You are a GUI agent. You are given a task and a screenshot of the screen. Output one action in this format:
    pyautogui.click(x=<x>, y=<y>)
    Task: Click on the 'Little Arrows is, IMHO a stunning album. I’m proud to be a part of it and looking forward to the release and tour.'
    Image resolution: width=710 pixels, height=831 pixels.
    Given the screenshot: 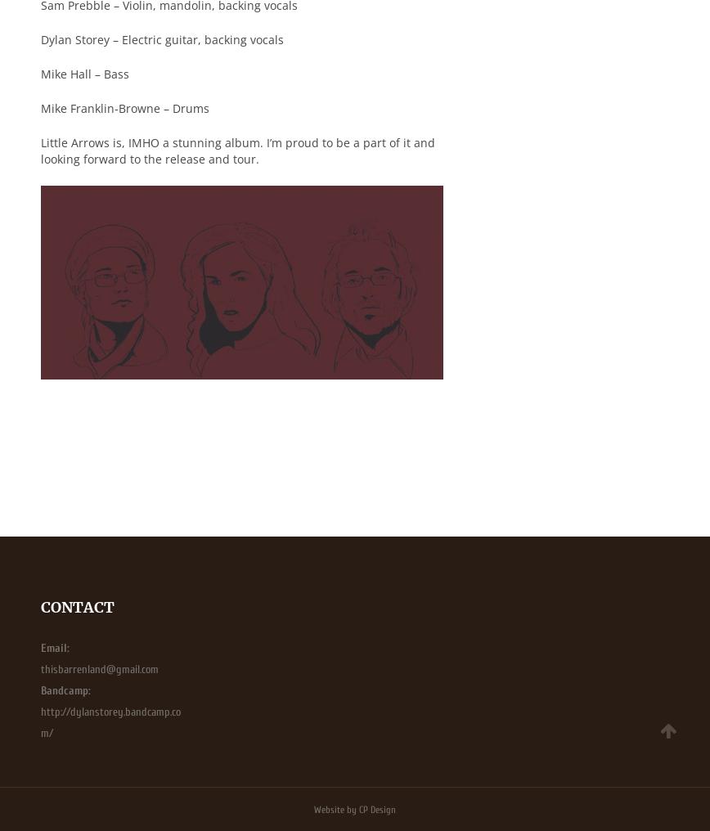 What is the action you would take?
    pyautogui.click(x=238, y=150)
    